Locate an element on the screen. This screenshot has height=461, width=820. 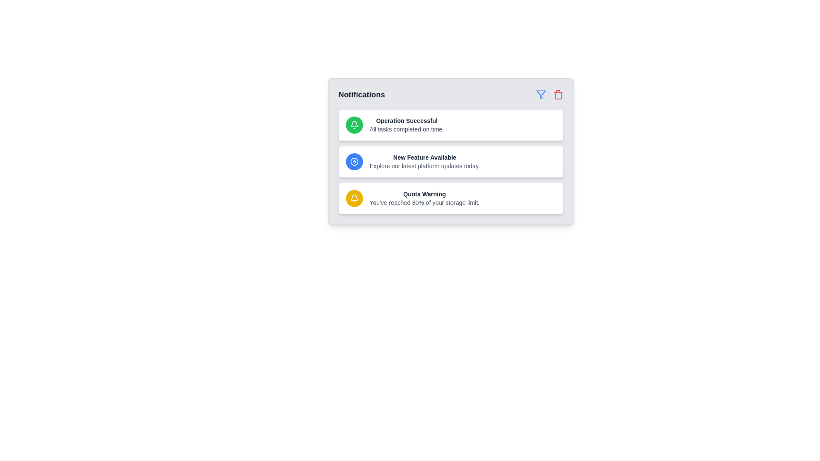
the bell-shaped notification icon with a green background, located in the notification card at the bottom of the notifications list is located at coordinates (354, 125).